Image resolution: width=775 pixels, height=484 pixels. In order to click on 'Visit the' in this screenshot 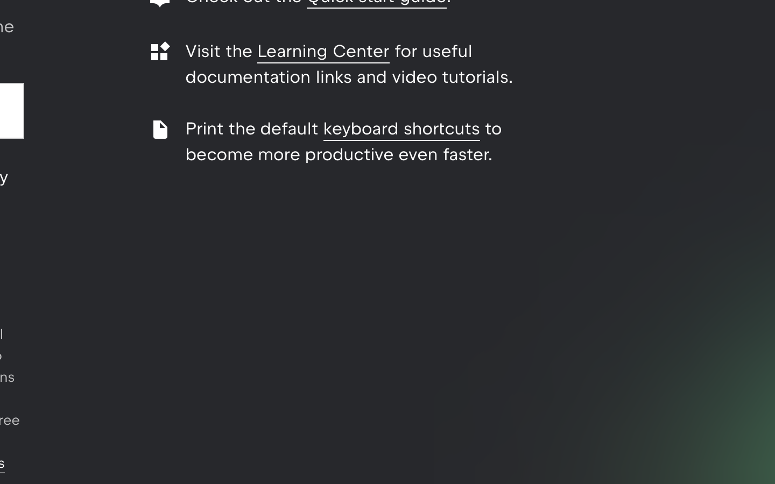, I will do `click(221, 51)`.